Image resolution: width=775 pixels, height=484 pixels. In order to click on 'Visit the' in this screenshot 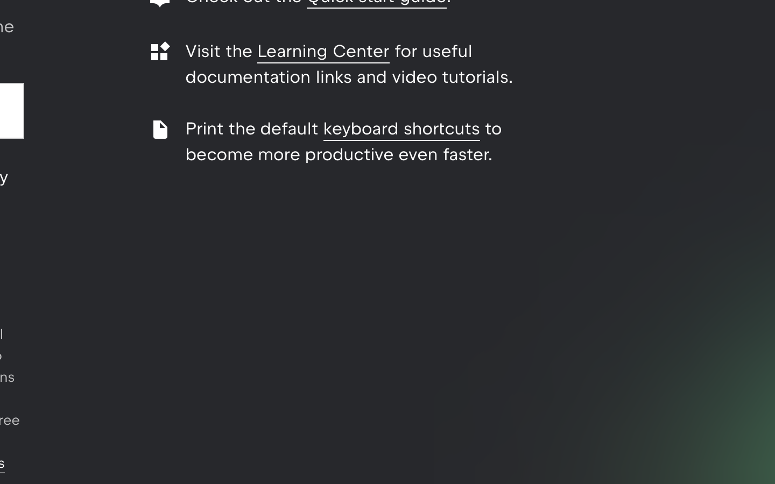, I will do `click(221, 51)`.